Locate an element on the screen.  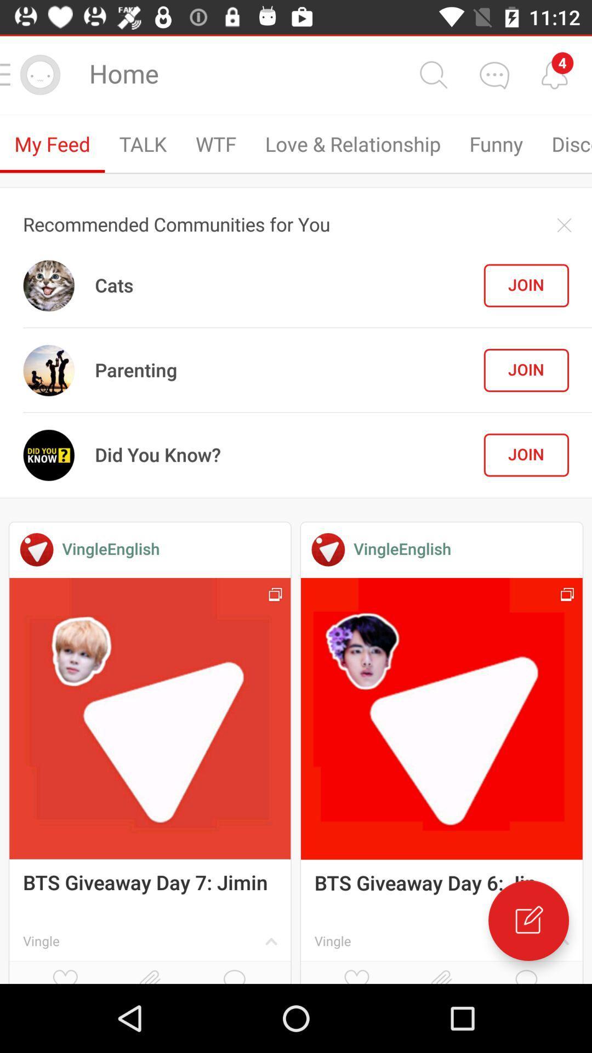
the edit icon is located at coordinates (528, 920).